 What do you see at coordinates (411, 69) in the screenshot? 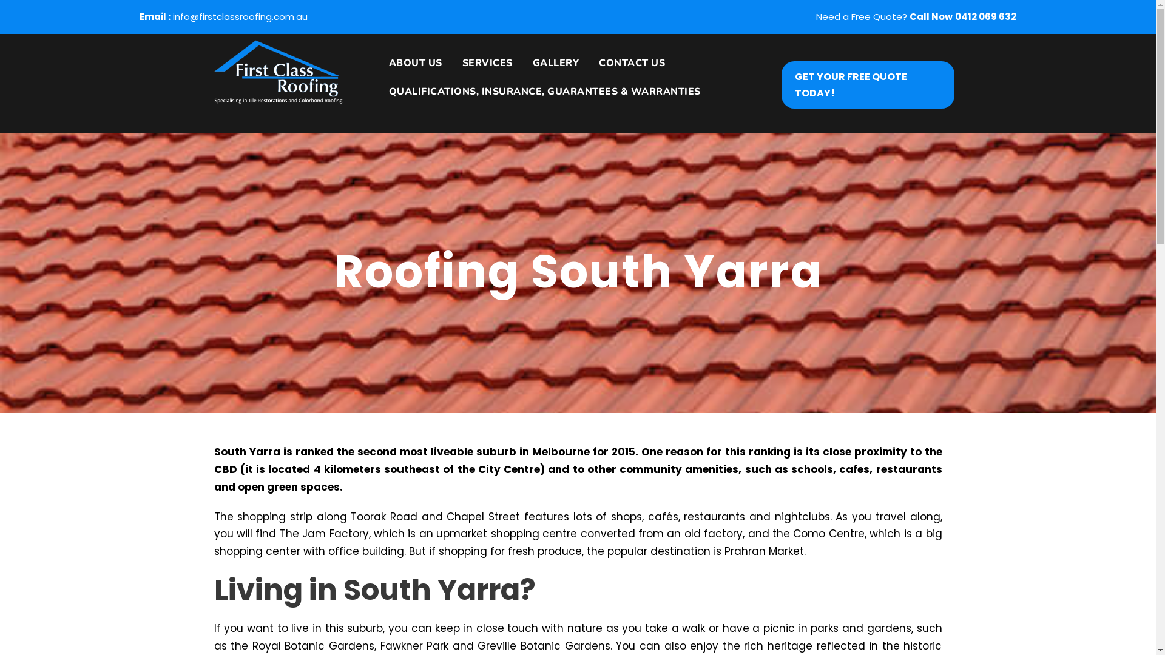
I see `'ABOUT US'` at bounding box center [411, 69].